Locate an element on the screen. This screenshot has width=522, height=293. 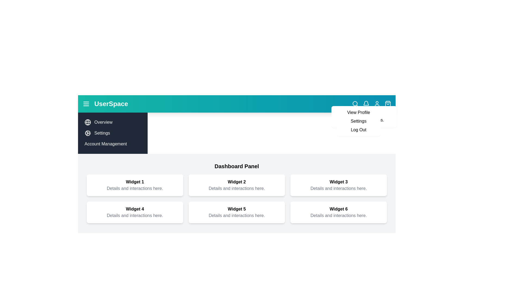
the static text label displaying 'Widget 2', which is styled with a bold font and is centered within a white, rounded rectangular box is located at coordinates (237, 182).